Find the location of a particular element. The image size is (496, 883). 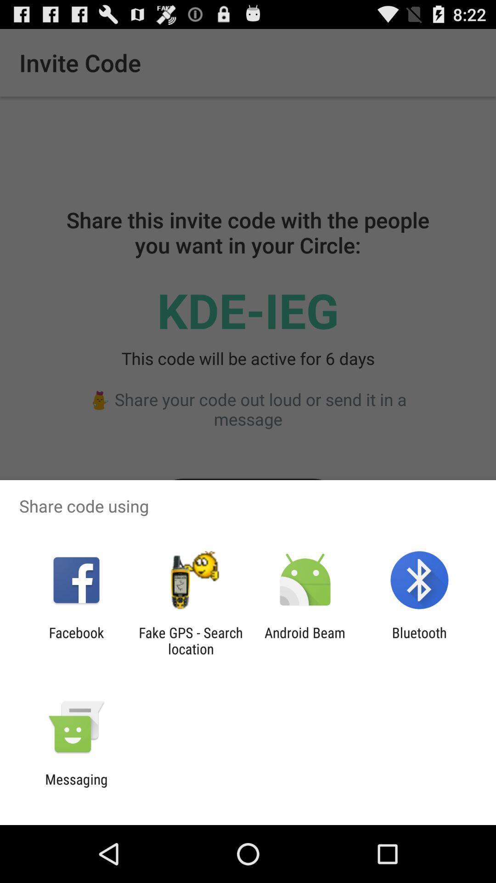

the fake gps search icon is located at coordinates (190, 640).